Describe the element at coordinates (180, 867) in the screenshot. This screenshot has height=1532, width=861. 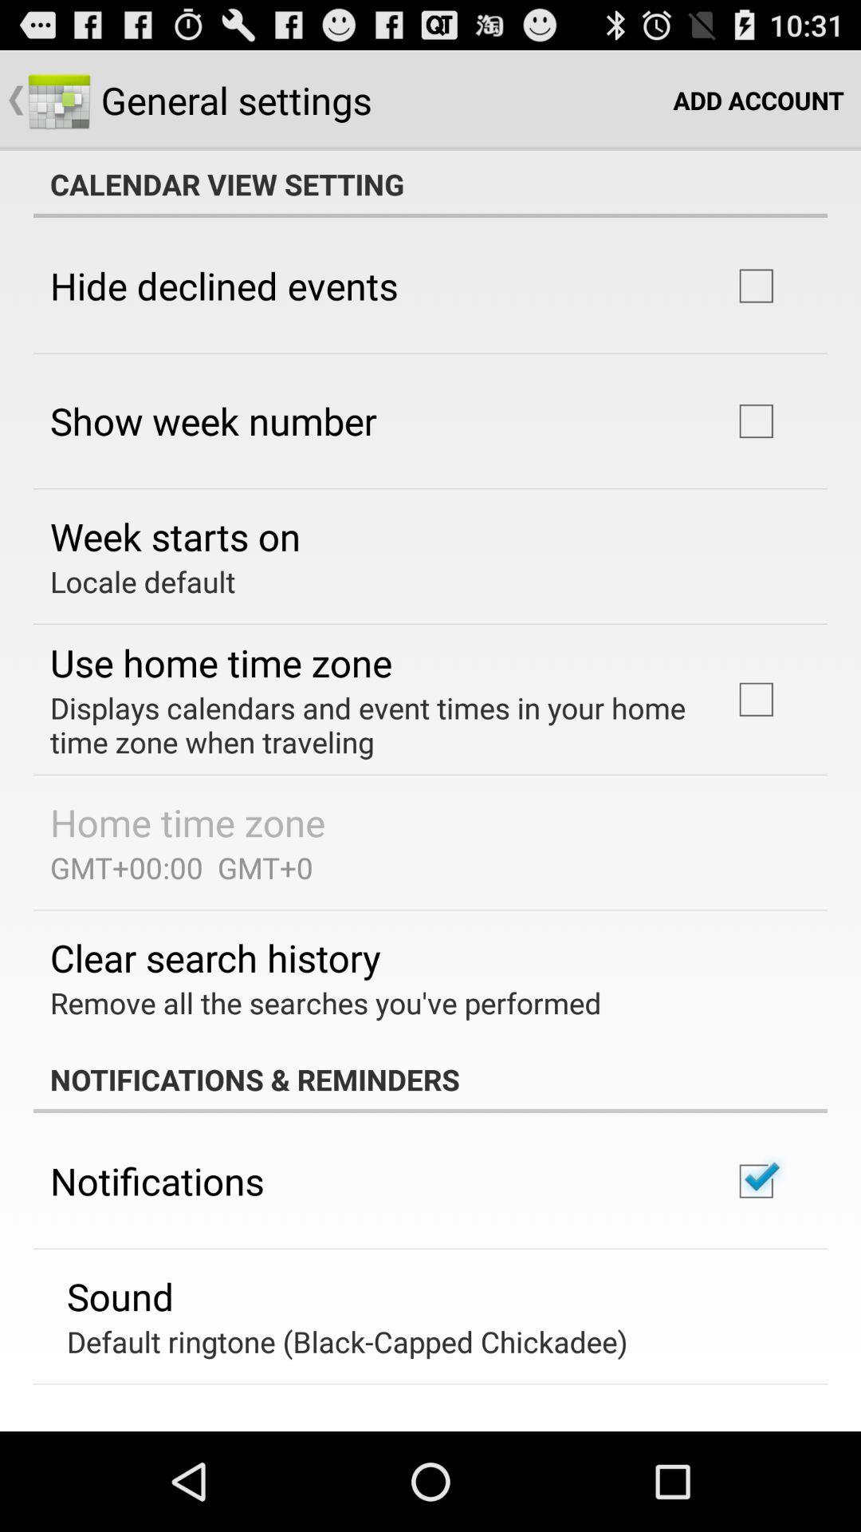
I see `gmt 00 00 item` at that location.